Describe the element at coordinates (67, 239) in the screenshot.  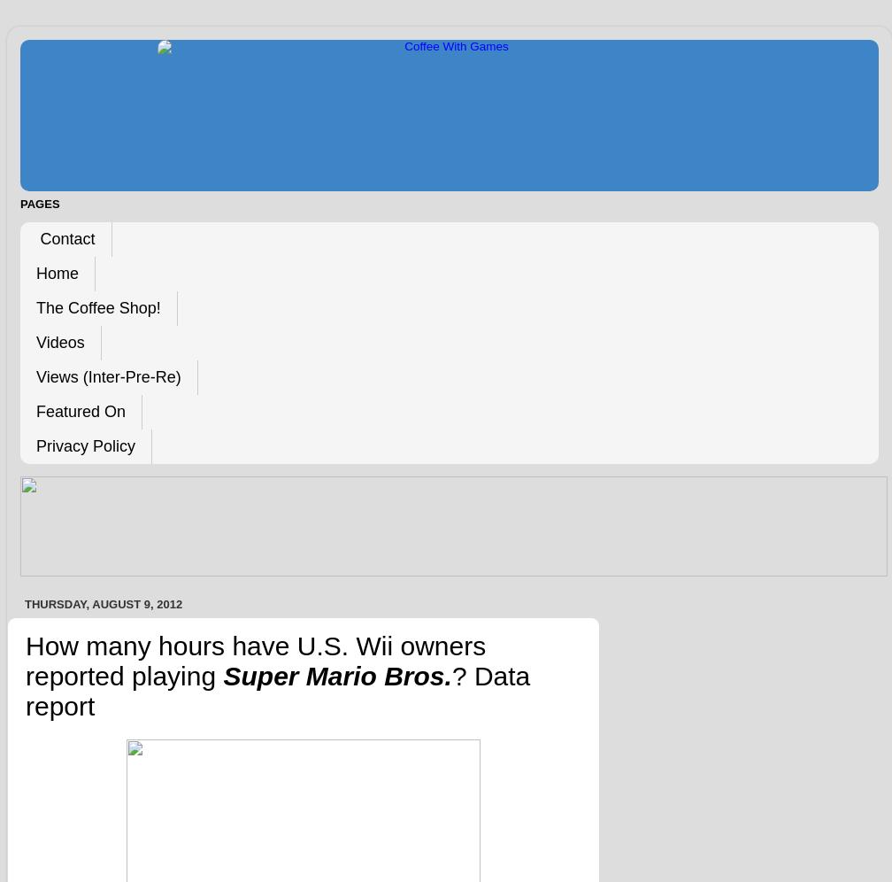
I see `'Contact'` at that location.